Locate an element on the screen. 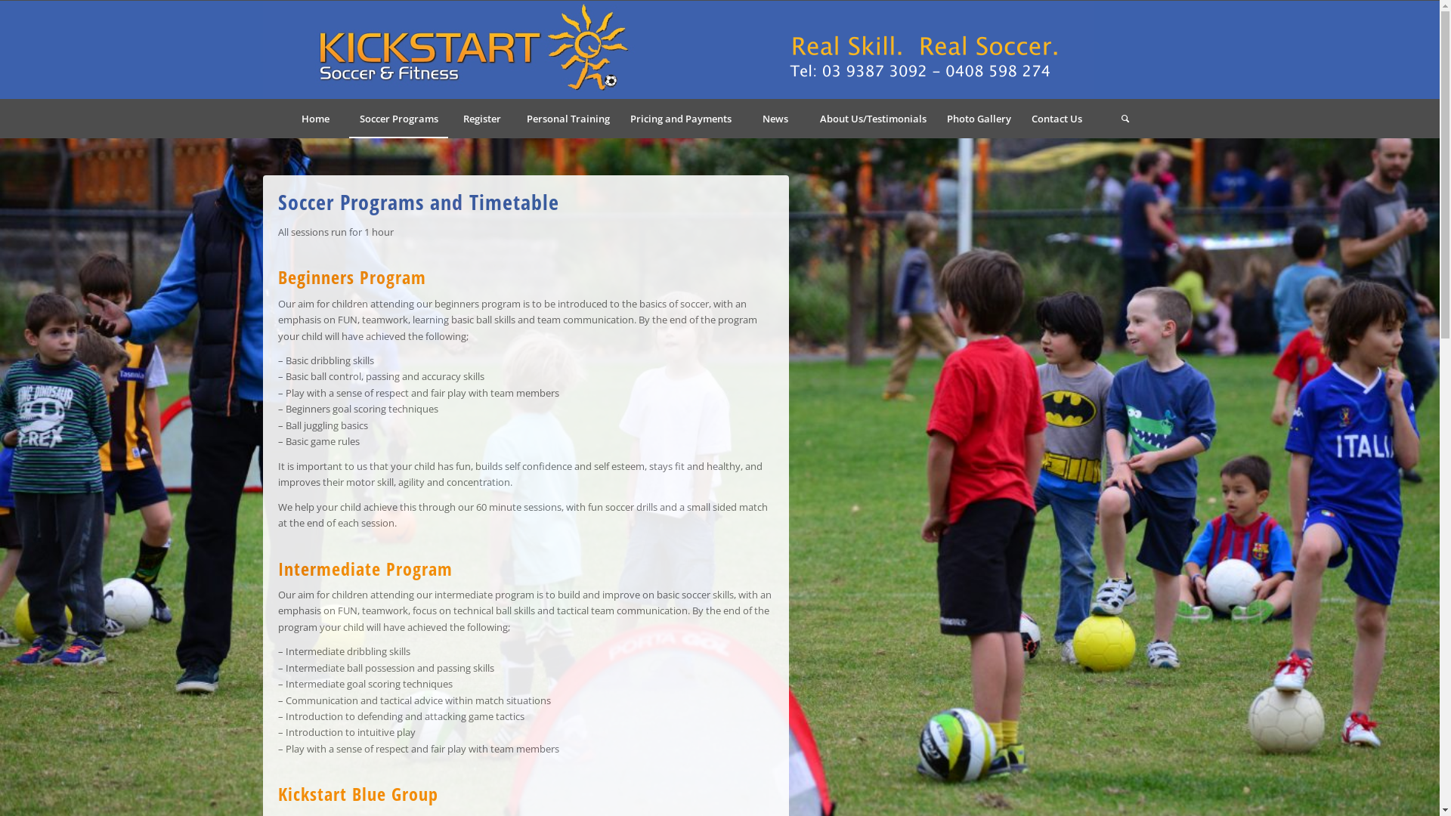  'Home' is located at coordinates (314, 118).